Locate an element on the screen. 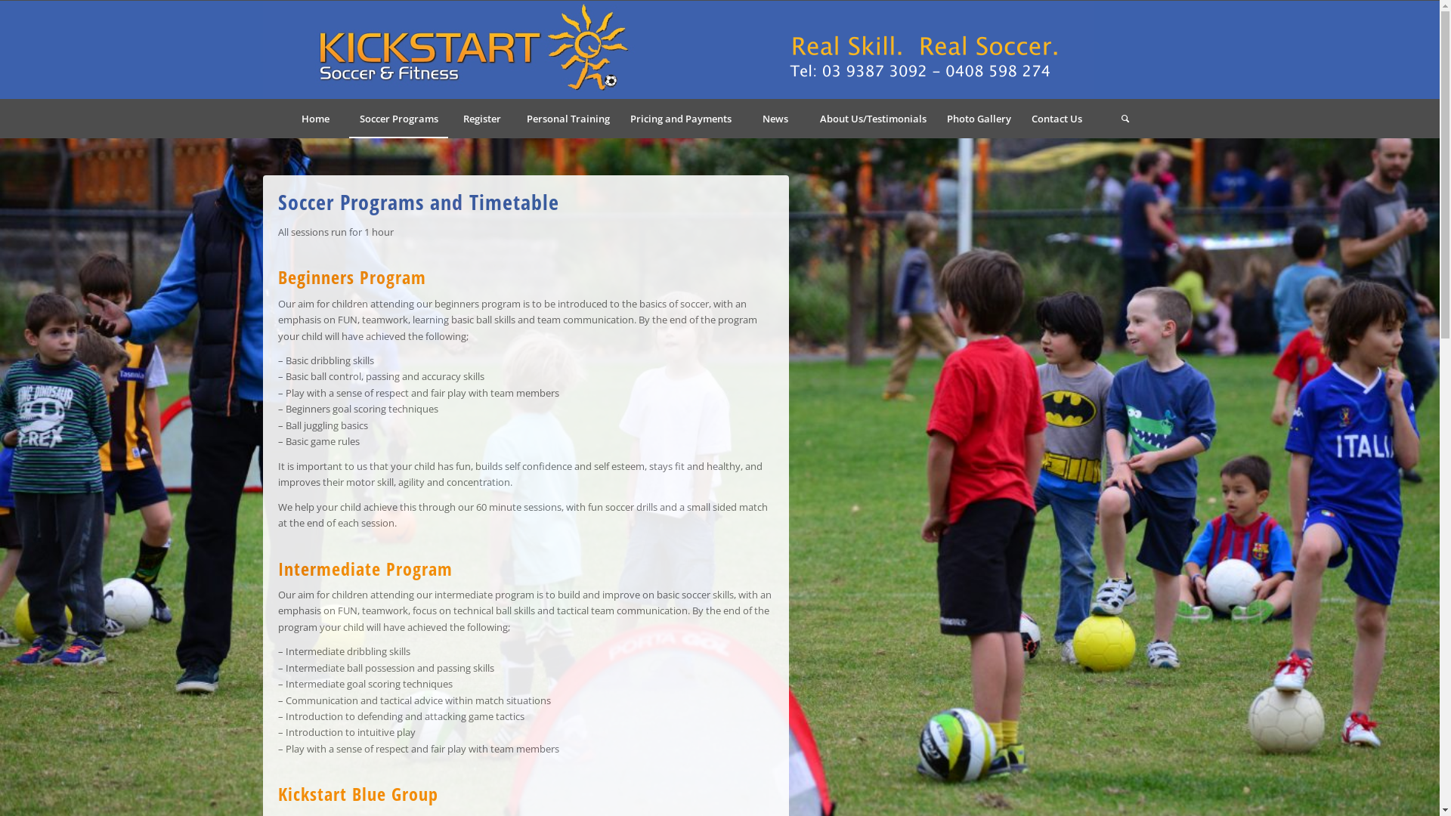  'Home' is located at coordinates (314, 118).